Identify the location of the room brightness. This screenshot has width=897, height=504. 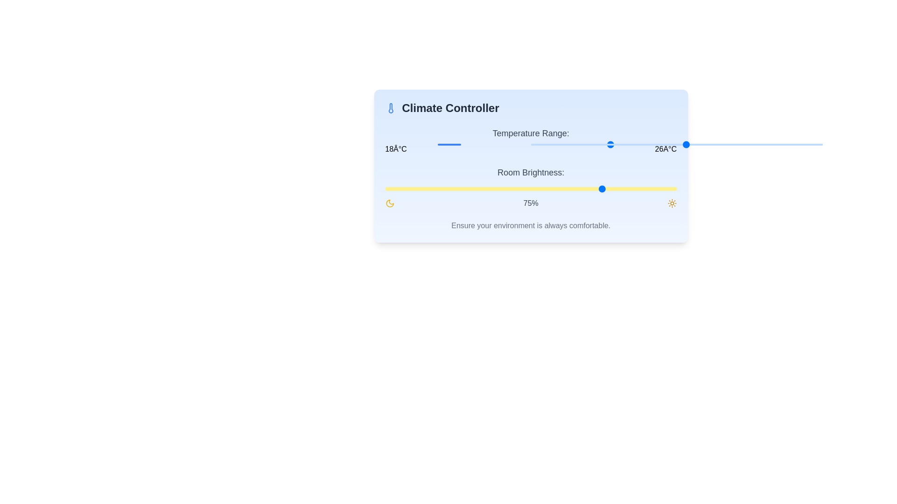
(557, 189).